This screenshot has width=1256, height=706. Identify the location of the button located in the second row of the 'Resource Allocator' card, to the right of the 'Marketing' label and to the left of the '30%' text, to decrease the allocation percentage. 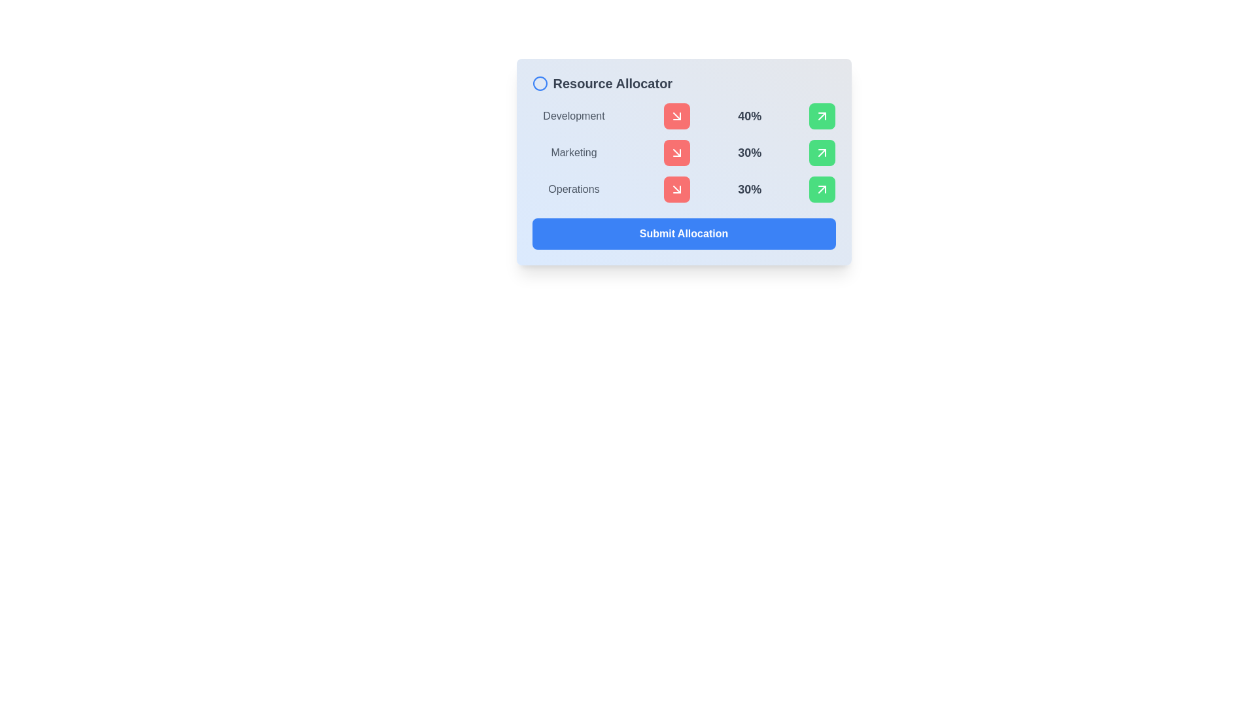
(683, 152).